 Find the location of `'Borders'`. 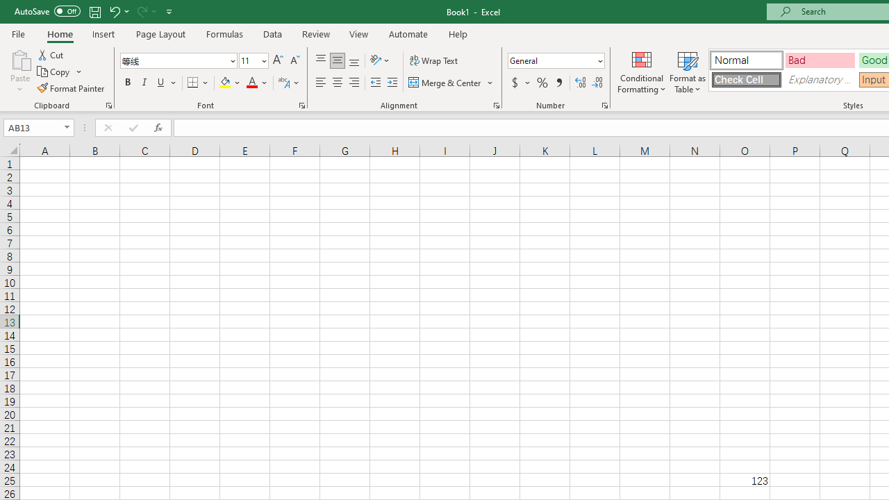

'Borders' is located at coordinates (198, 83).